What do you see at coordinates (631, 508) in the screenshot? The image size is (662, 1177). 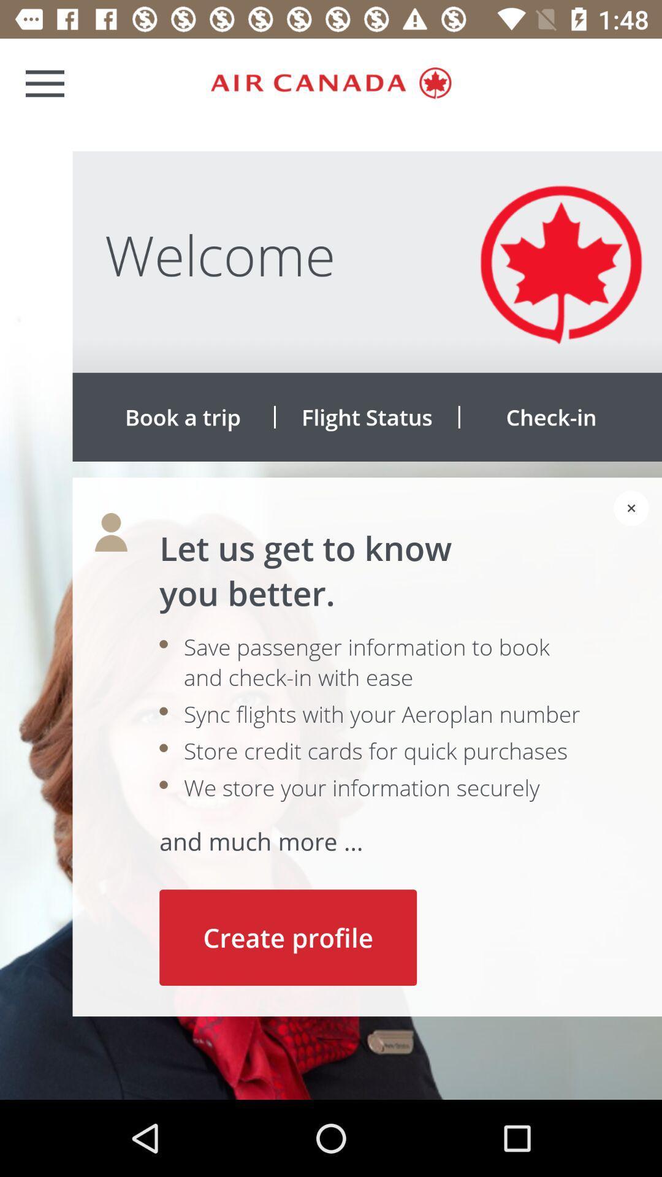 I see `the close icon` at bounding box center [631, 508].